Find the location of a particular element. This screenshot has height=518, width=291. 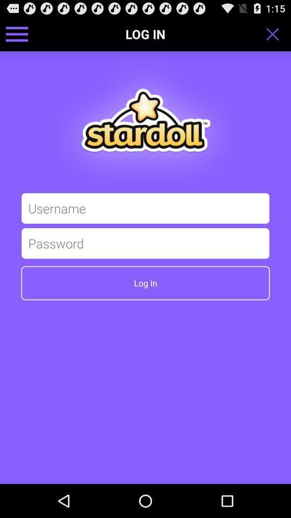

username is located at coordinates (145, 208).